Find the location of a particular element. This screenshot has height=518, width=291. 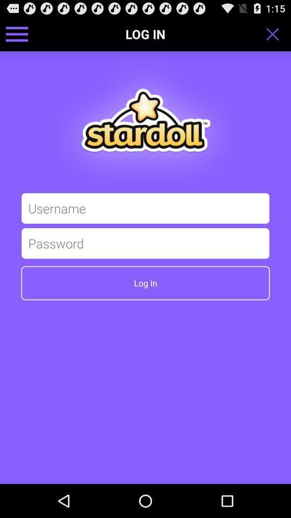

username is located at coordinates (145, 208).